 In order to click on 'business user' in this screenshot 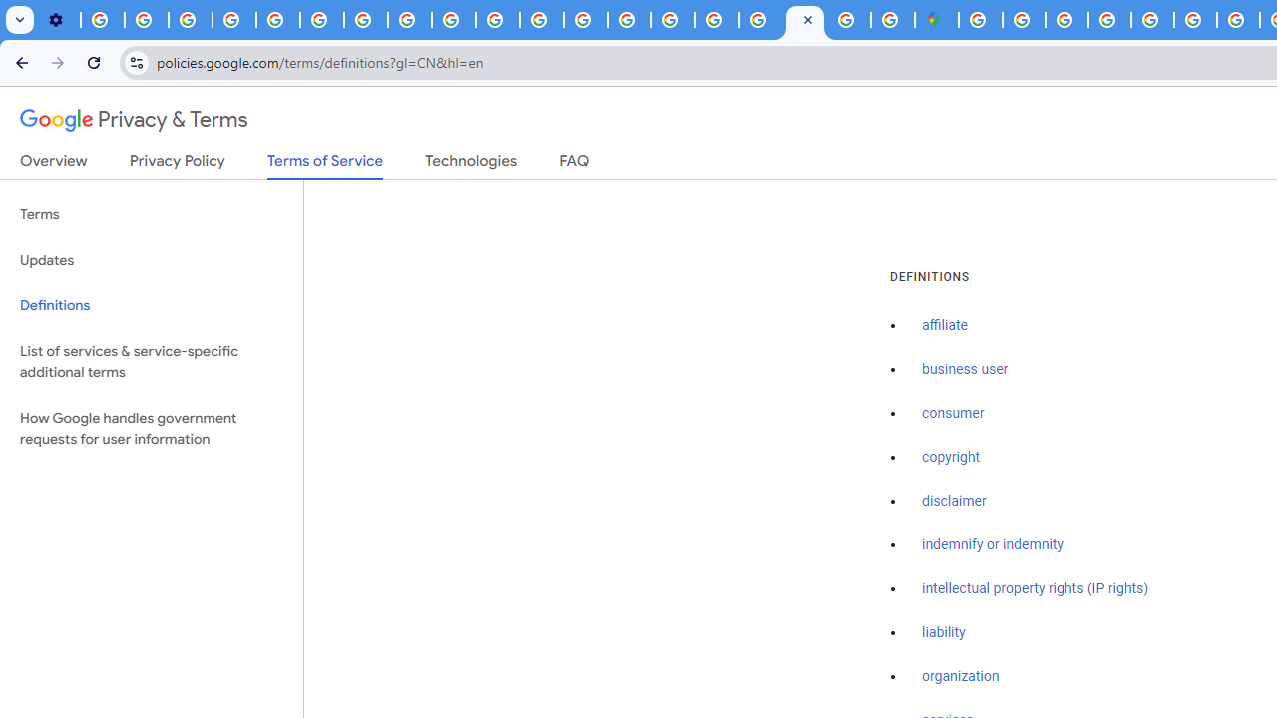, I will do `click(965, 370)`.